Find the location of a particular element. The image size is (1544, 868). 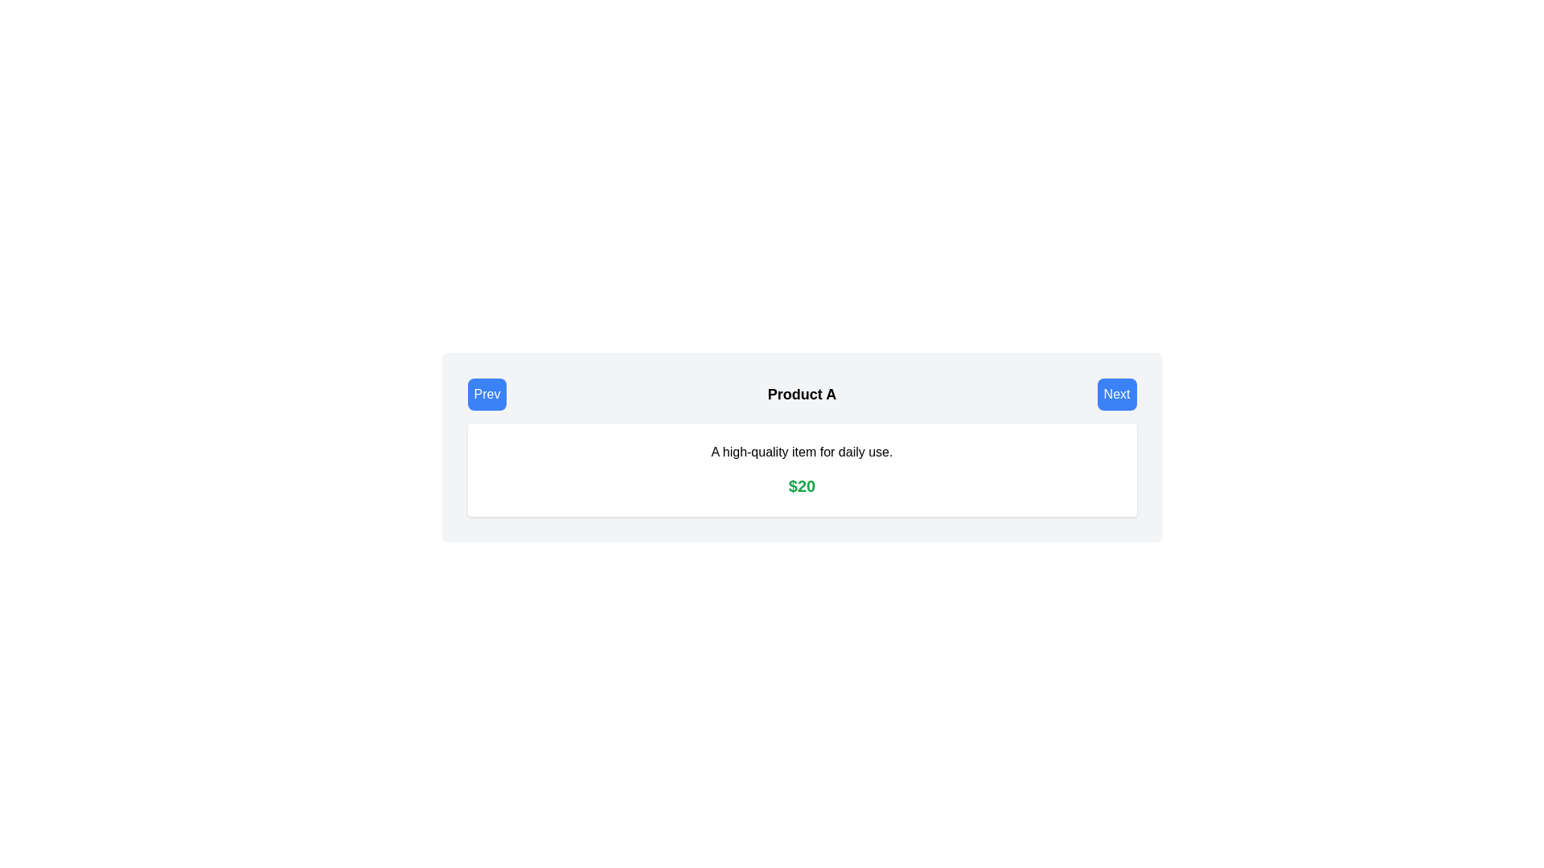

the product name label located between the 'Prev' and 'Next' buttons in the navigation section is located at coordinates (802, 394).